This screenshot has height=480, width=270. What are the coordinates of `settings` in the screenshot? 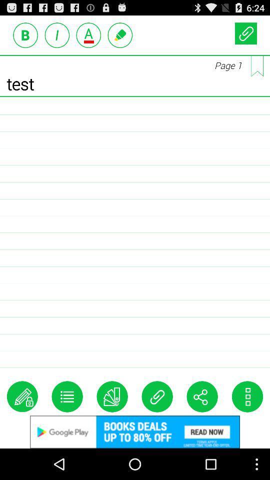 It's located at (67, 396).